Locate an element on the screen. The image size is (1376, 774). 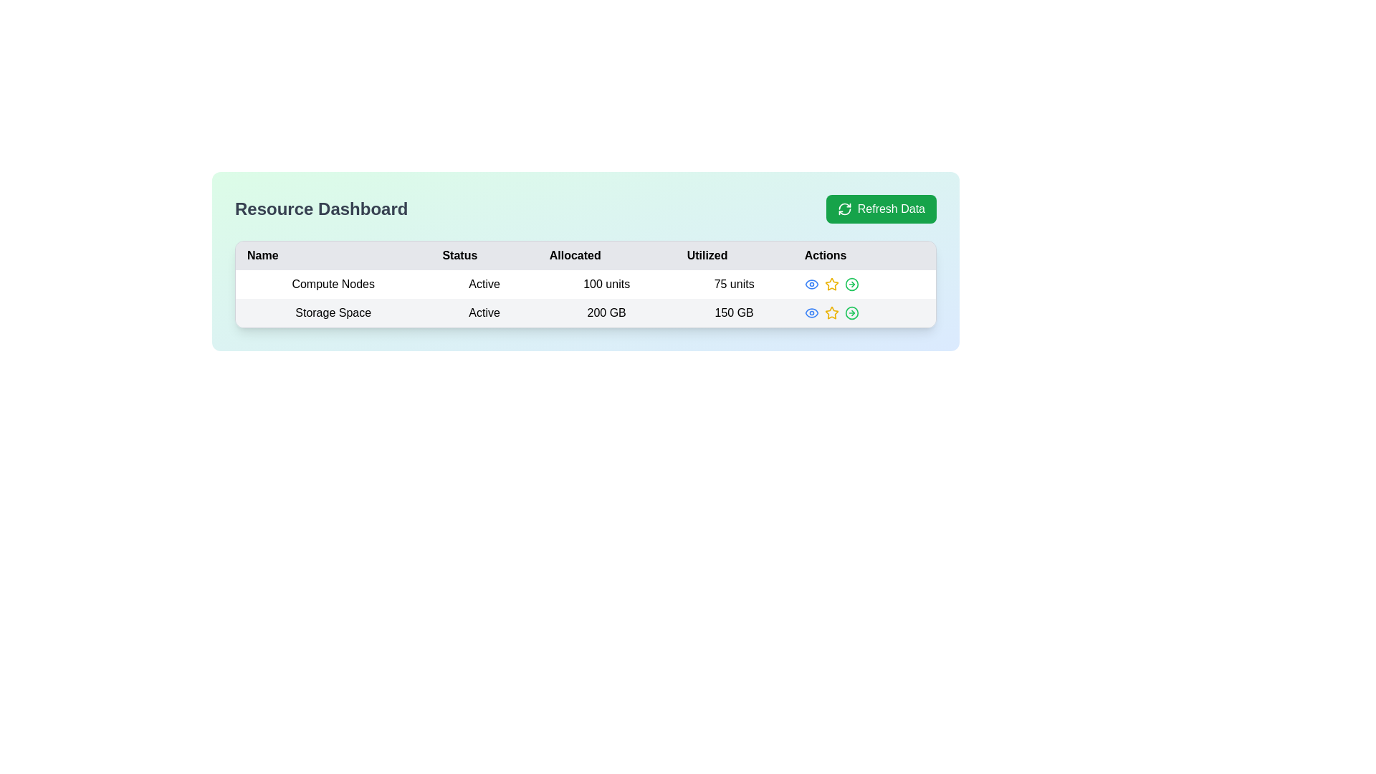
the second row of the resource storage details table, located below the 'Compute Nodes' row is located at coordinates (586, 312).